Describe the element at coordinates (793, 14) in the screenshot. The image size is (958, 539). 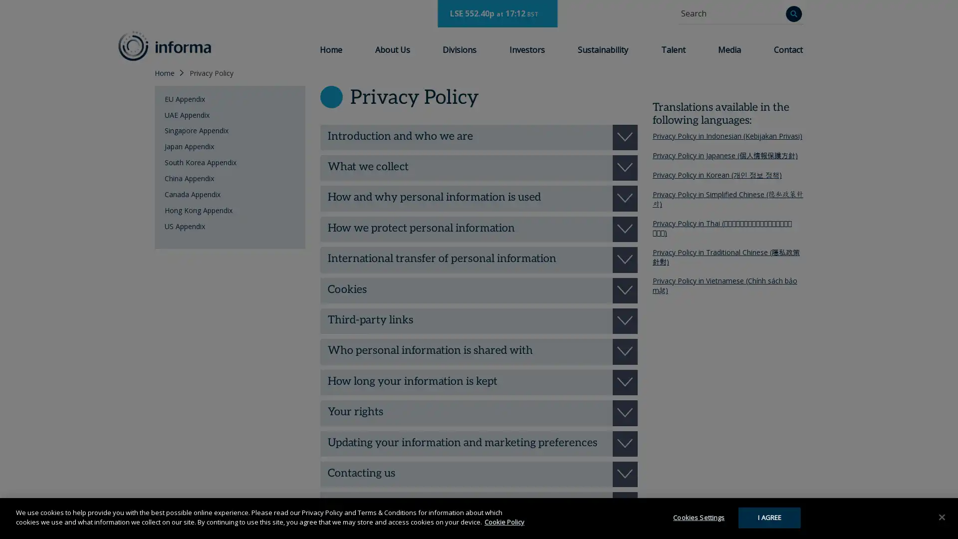
I see `Search` at that location.